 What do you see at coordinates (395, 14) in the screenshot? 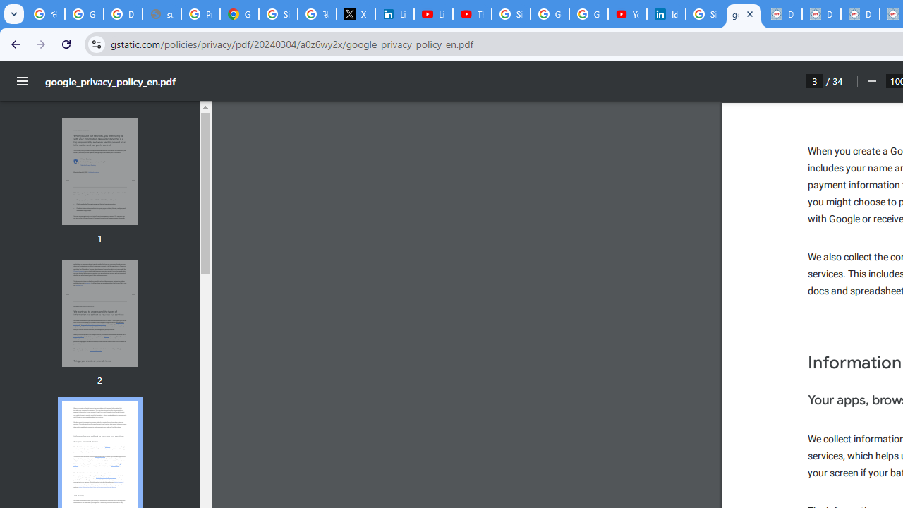
I see `'LinkedIn Privacy Policy'` at bounding box center [395, 14].